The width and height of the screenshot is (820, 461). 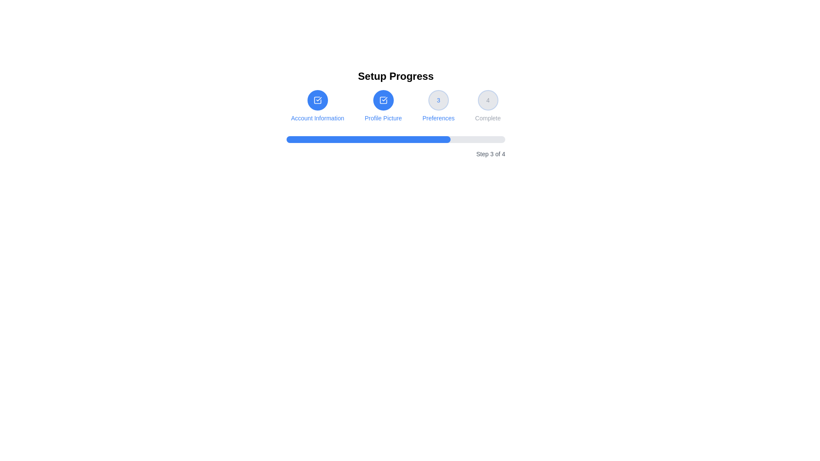 I want to click on the 'Profile Picture' text label displayed in blue, which is located directly below the second step icon in the setup progress interface, so click(x=383, y=118).